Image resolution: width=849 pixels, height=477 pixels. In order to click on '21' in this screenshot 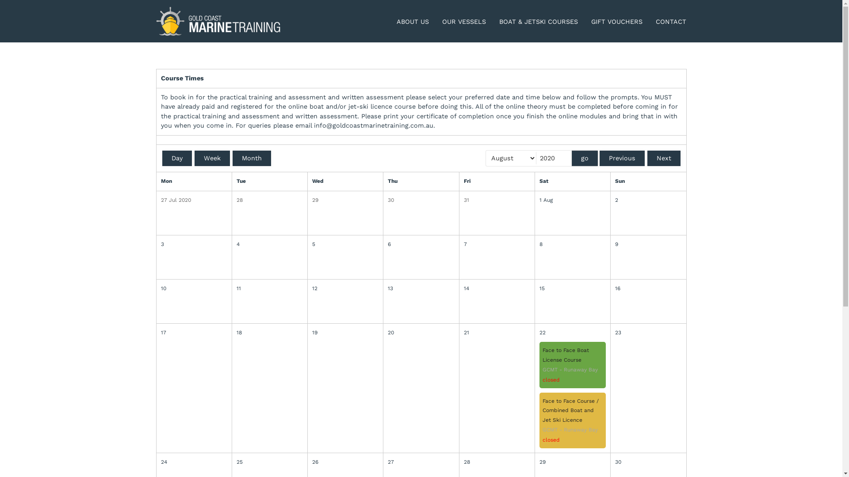, I will do `click(497, 333)`.